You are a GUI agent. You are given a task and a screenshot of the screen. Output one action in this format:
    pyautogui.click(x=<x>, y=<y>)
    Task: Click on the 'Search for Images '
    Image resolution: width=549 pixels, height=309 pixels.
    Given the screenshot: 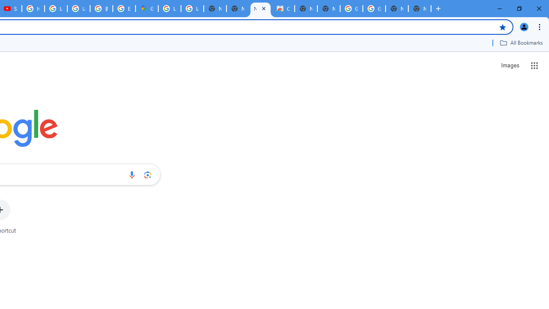 What is the action you would take?
    pyautogui.click(x=510, y=65)
    